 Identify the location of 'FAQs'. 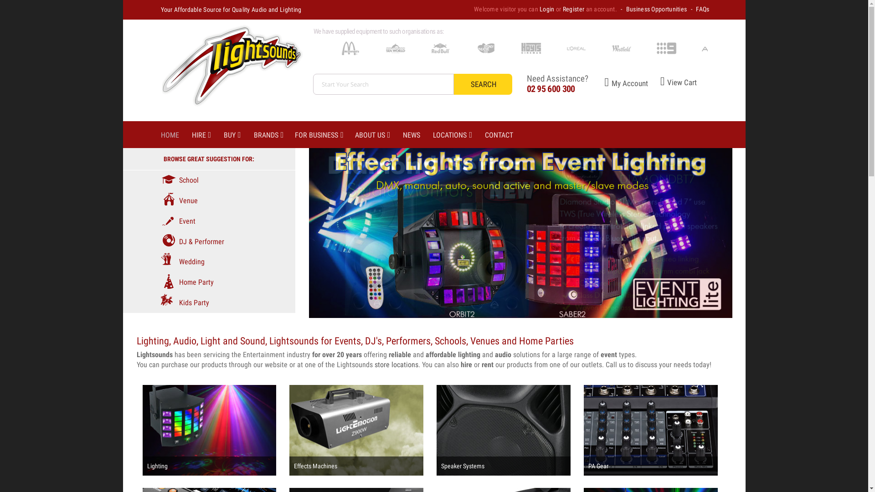
(702, 9).